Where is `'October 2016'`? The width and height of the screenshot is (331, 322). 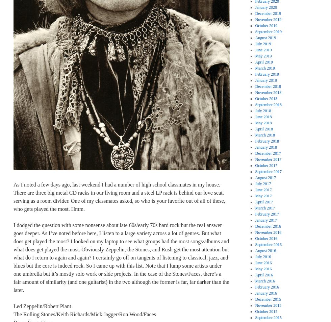 'October 2016' is located at coordinates (255, 238).